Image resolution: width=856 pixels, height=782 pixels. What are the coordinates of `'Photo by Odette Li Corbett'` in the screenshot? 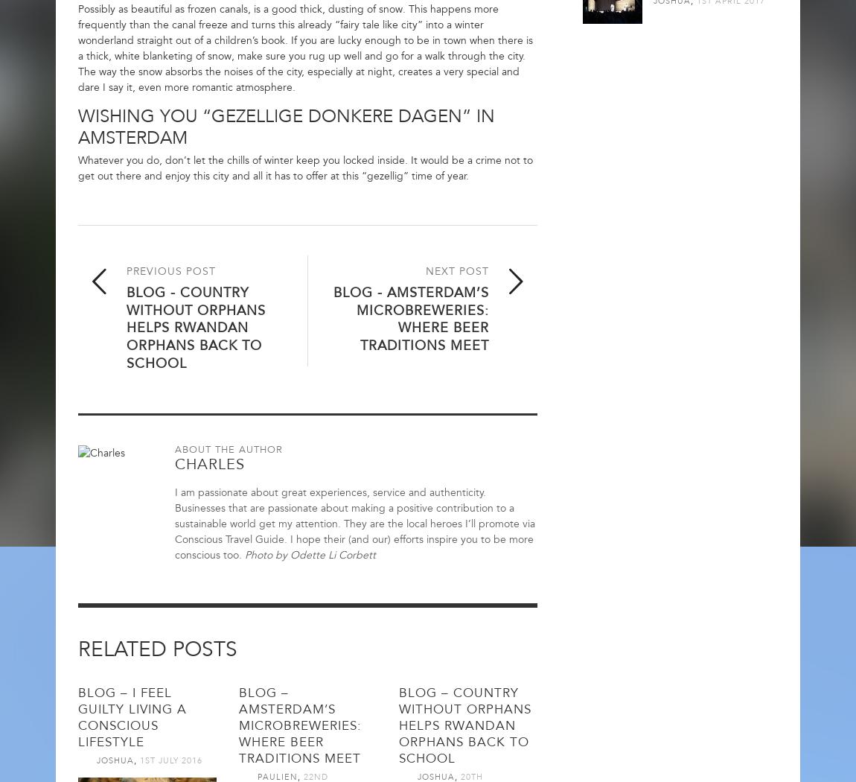 It's located at (310, 553).